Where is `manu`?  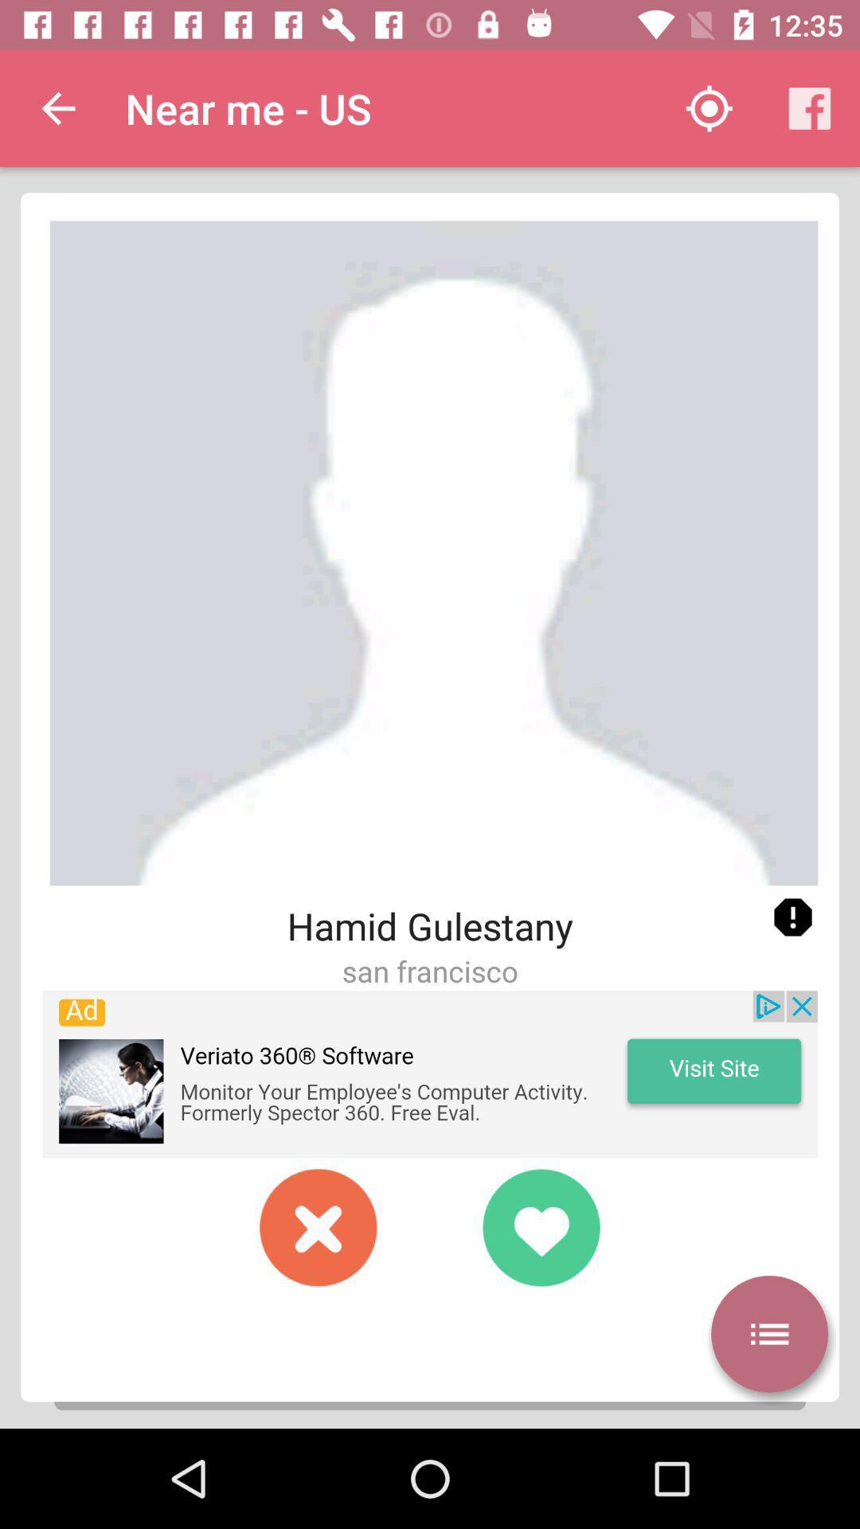 manu is located at coordinates (768, 1334).